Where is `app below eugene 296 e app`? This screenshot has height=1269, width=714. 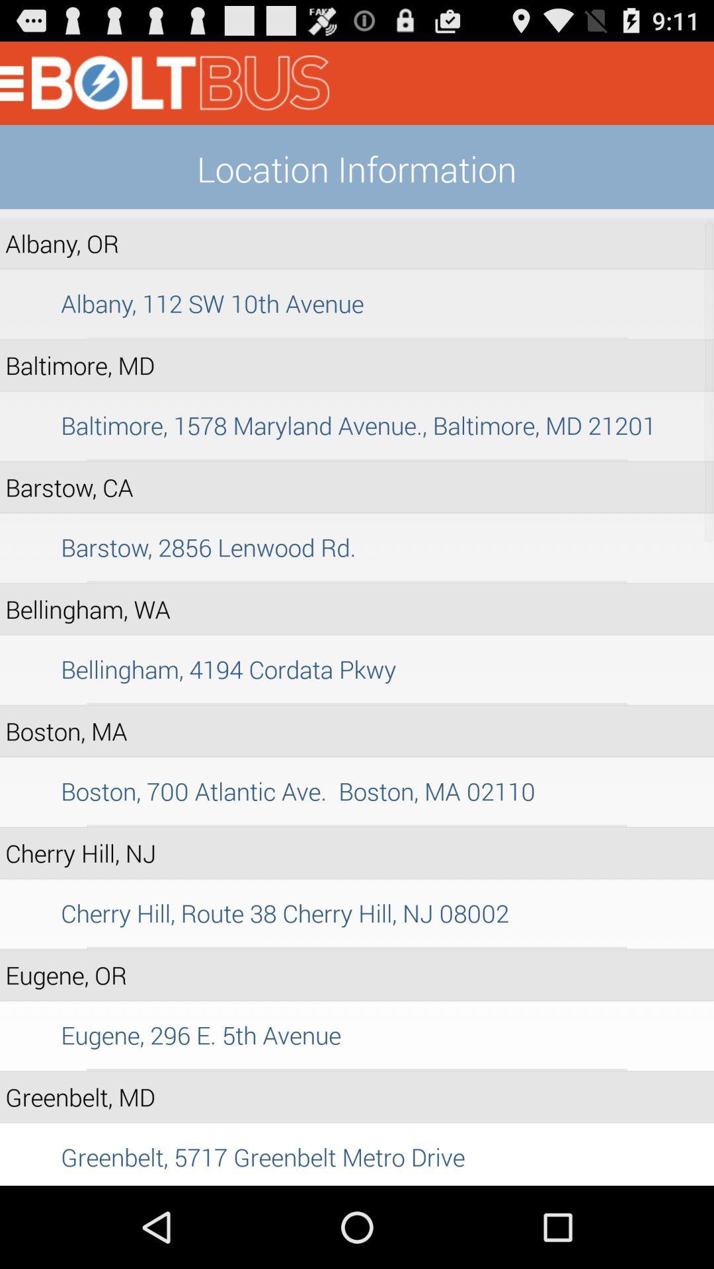 app below eugene 296 e app is located at coordinates (357, 1069).